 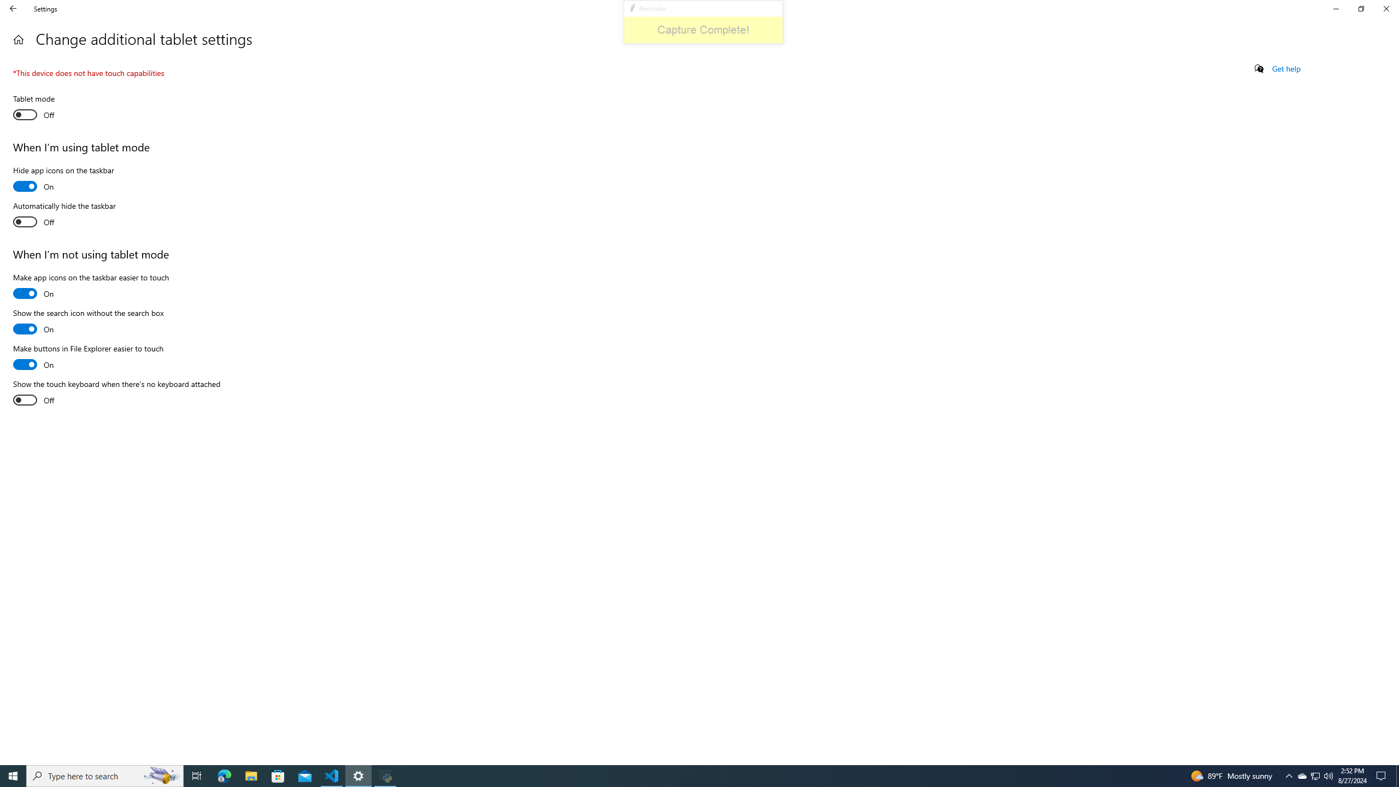 I want to click on 'Automatically hide the taskbar', so click(x=64, y=215).